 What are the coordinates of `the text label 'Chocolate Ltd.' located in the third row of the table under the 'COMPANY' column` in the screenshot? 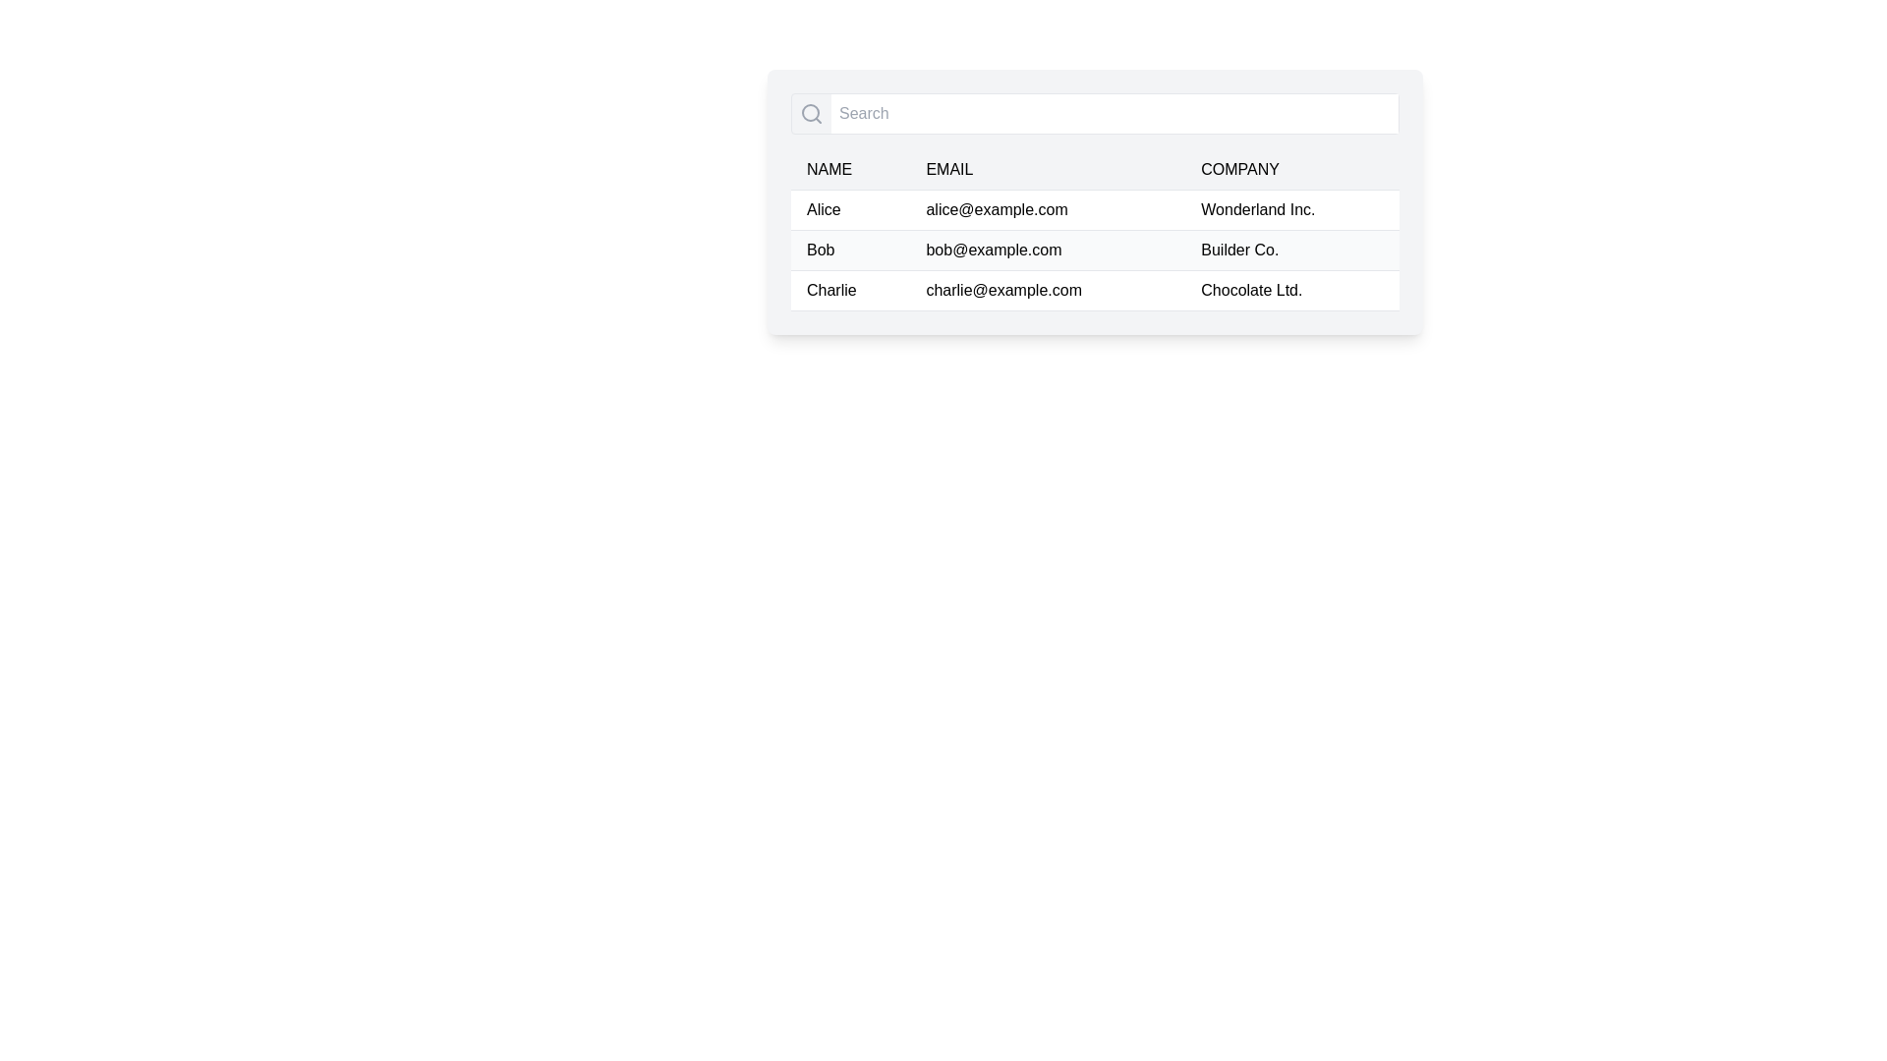 It's located at (1292, 291).